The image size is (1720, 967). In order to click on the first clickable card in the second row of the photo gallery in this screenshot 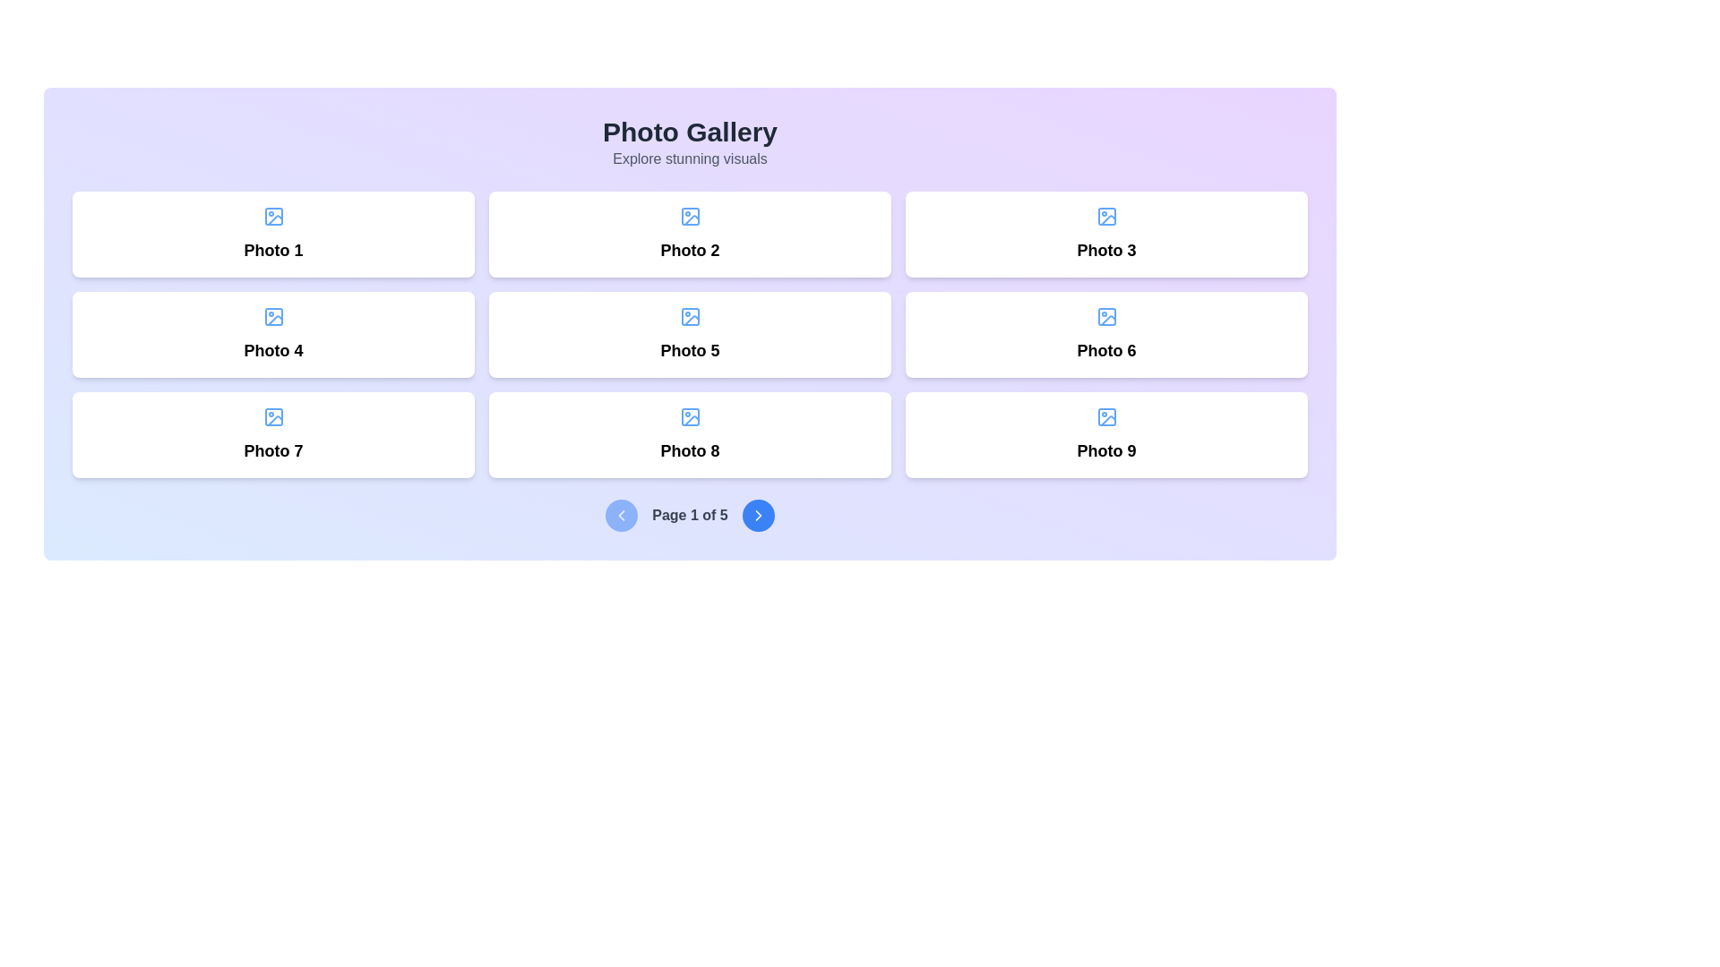, I will do `click(272, 335)`.